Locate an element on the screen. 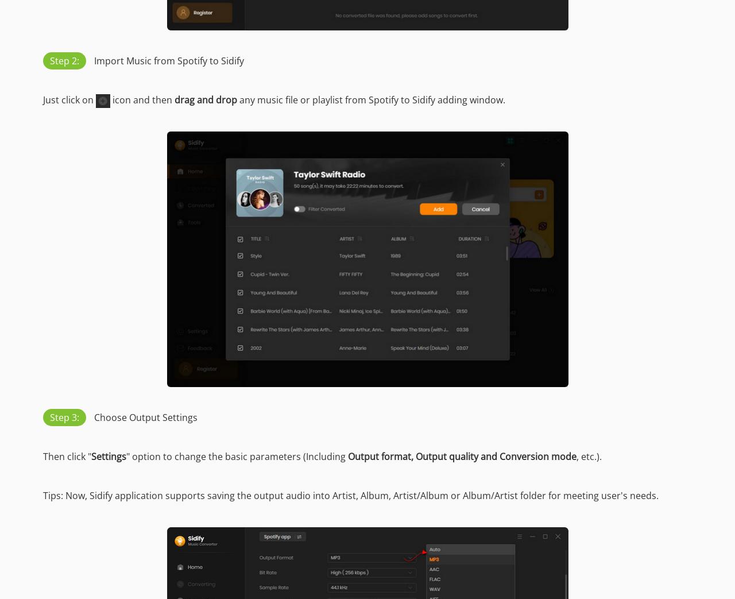  'drag and drop' is located at coordinates (206, 99).